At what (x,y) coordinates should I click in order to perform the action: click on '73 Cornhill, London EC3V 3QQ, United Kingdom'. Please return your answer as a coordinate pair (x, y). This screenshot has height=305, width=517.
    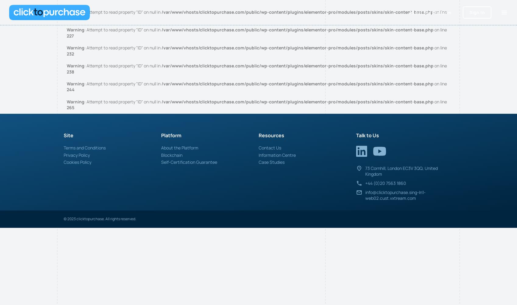
    Looking at the image, I should click on (365, 171).